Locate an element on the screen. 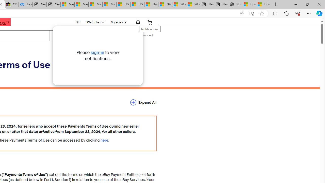 The image size is (325, 183). 'WatchlistExpand Watch List' is located at coordinates (95, 22).